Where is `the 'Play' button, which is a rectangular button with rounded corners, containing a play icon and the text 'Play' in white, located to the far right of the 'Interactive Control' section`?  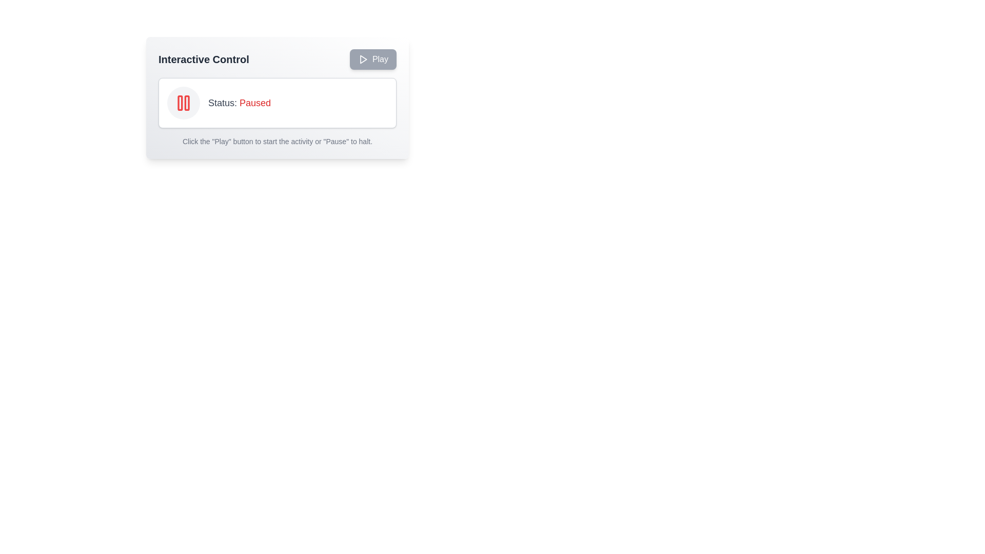 the 'Play' button, which is a rectangular button with rounded corners, containing a play icon and the text 'Play' in white, located to the far right of the 'Interactive Control' section is located at coordinates (372, 59).